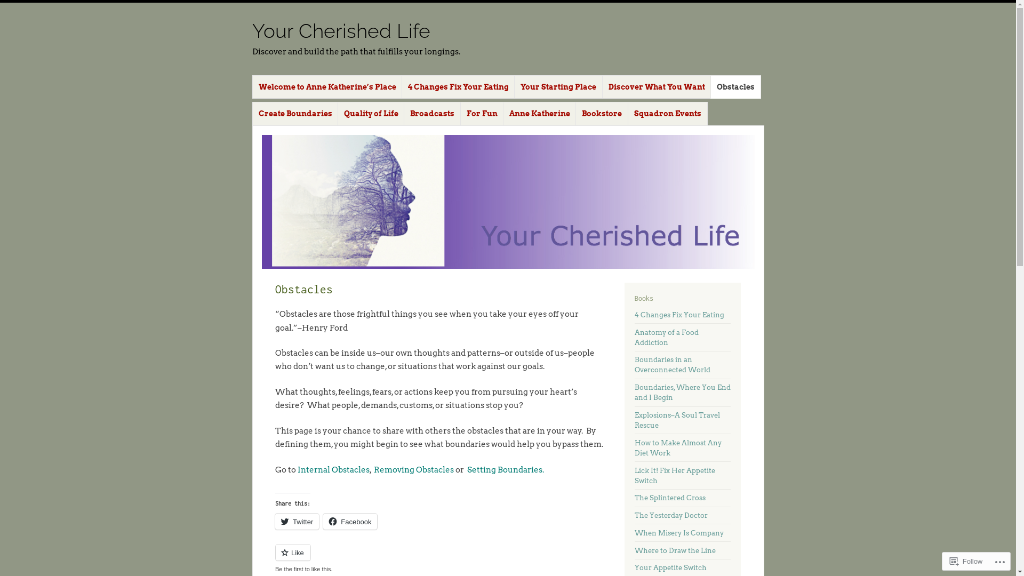 This screenshot has height=576, width=1024. What do you see at coordinates (333, 469) in the screenshot?
I see `'Internal Obstacles'` at bounding box center [333, 469].